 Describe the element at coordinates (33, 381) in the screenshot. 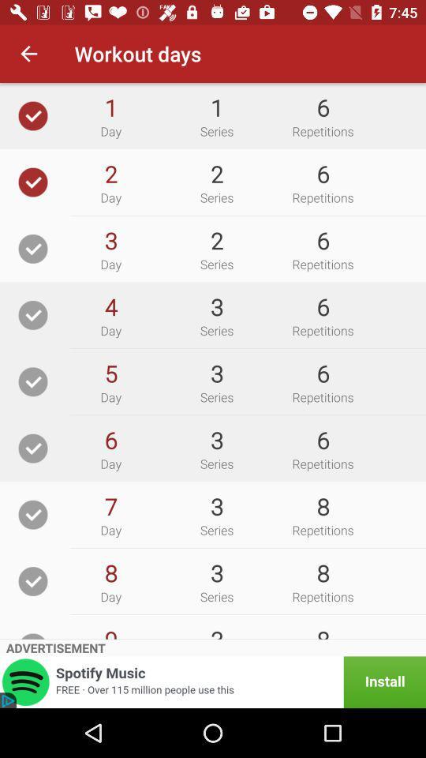

I see `mark completed` at that location.